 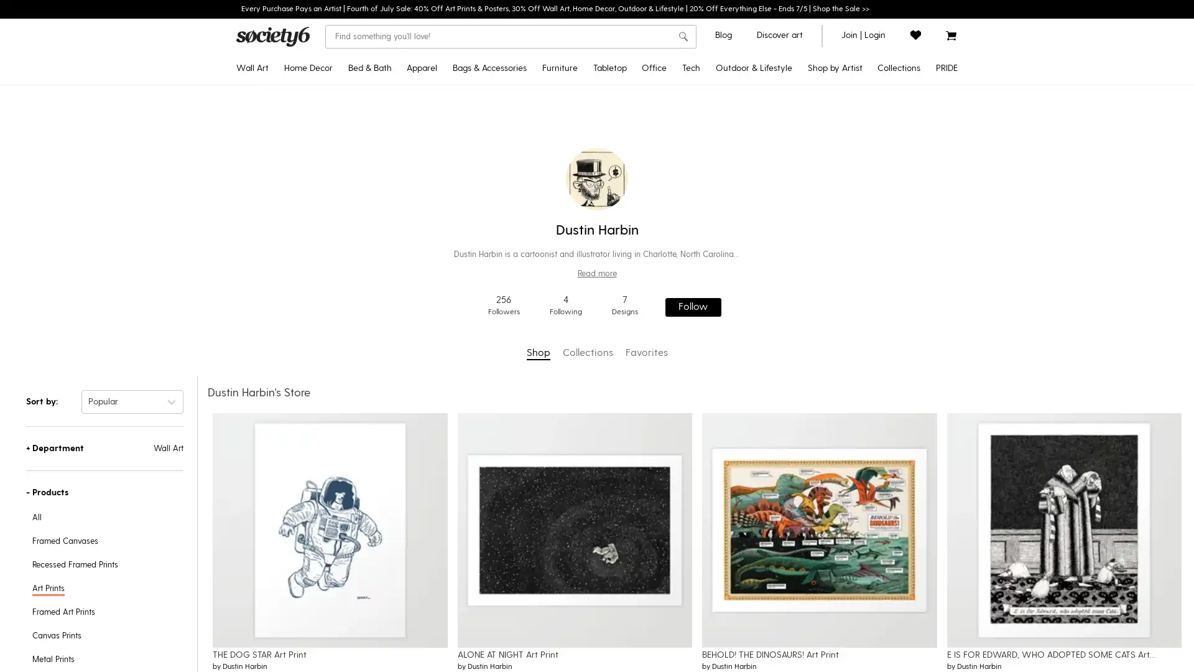 What do you see at coordinates (331, 280) in the screenshot?
I see `Area Rugs` at bounding box center [331, 280].